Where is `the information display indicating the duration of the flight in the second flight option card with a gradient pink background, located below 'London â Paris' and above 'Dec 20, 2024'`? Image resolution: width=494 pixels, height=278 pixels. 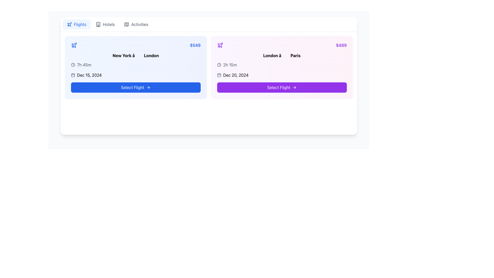 the information display indicating the duration of the flight in the second flight option card with a gradient pink background, located below 'London â Paris' and above 'Dec 20, 2024' is located at coordinates (281, 64).